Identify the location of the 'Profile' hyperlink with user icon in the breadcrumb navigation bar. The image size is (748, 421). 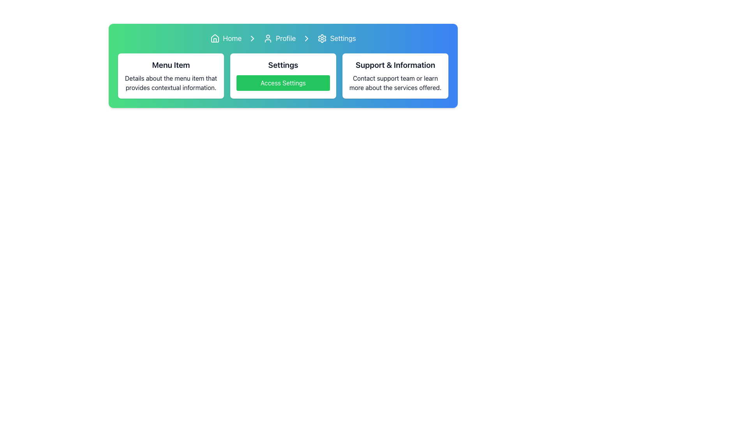
(279, 39).